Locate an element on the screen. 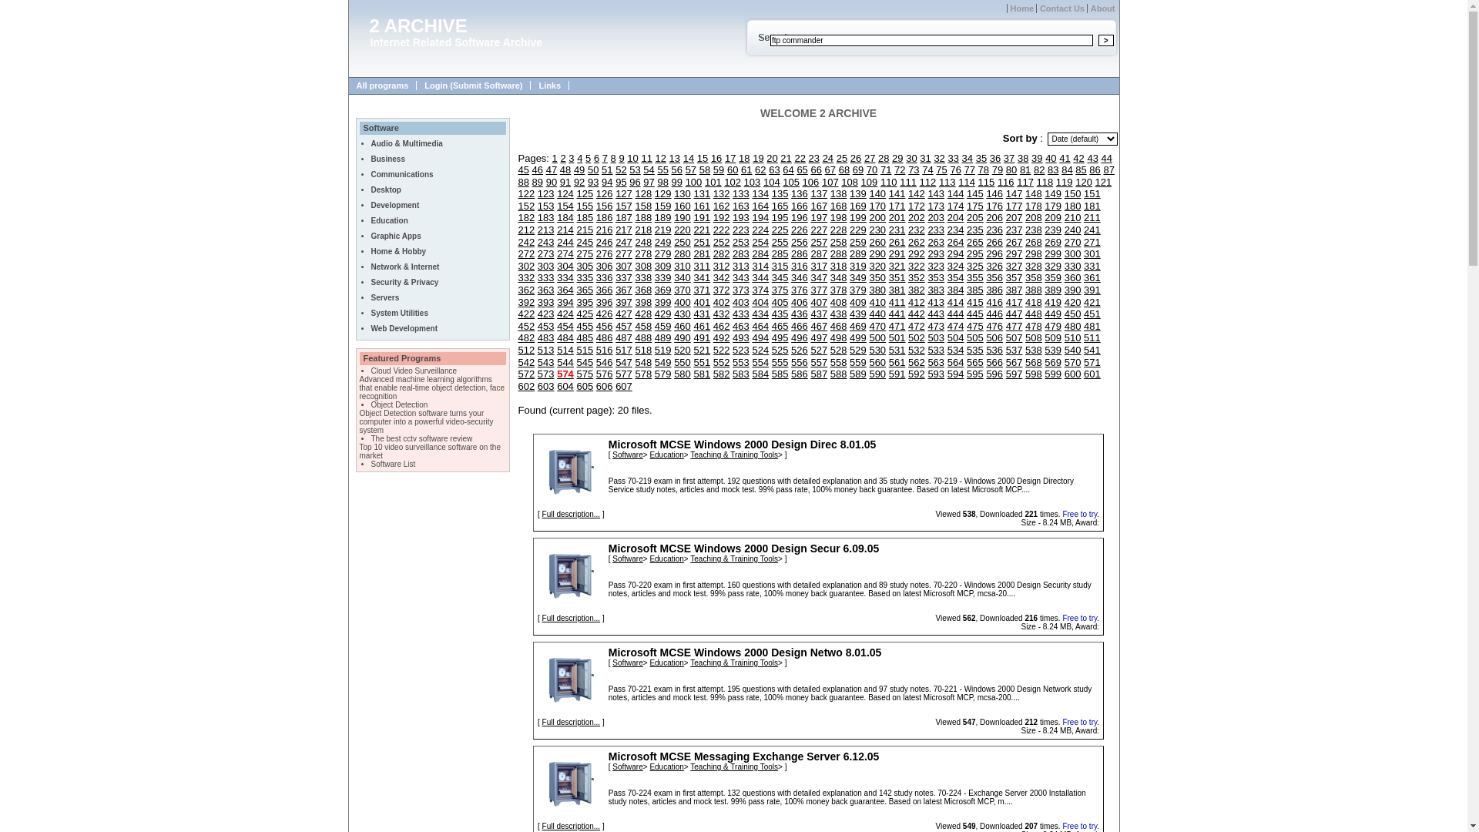 Image resolution: width=1479 pixels, height=832 pixels. '338' is located at coordinates (643, 277).